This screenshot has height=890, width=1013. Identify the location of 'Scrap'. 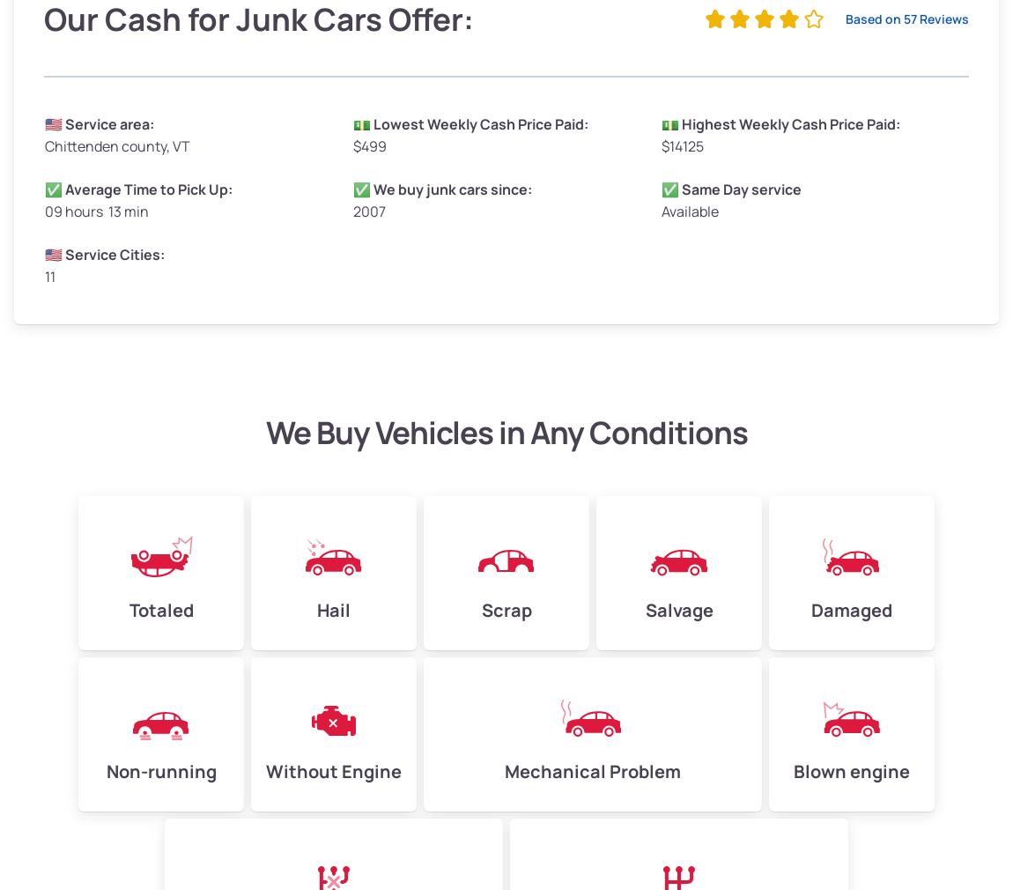
(506, 609).